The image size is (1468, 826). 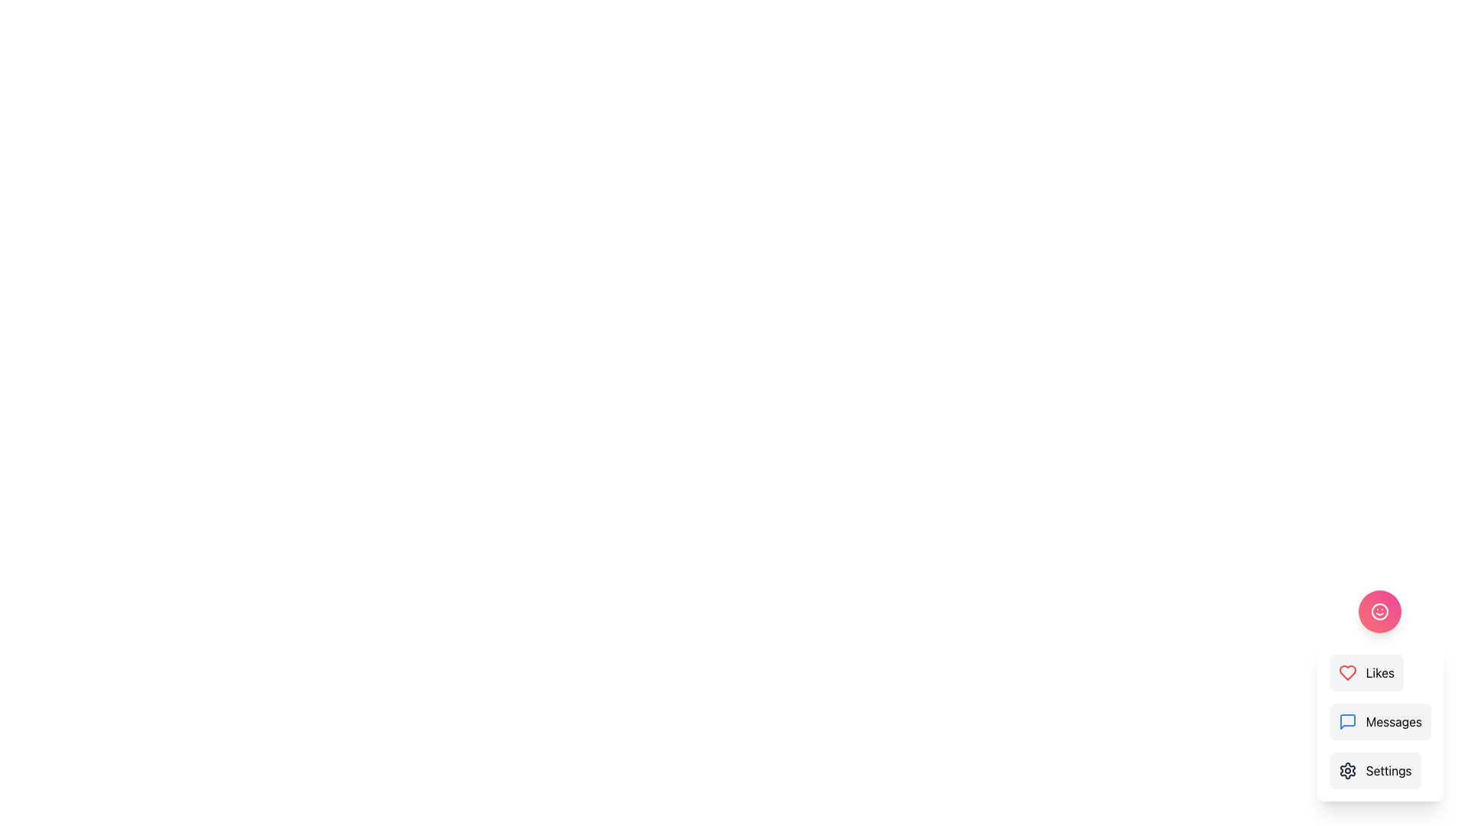 What do you see at coordinates (1380, 610) in the screenshot?
I see `the circular button with a vibrant gradient background and a white smiley face icon` at bounding box center [1380, 610].